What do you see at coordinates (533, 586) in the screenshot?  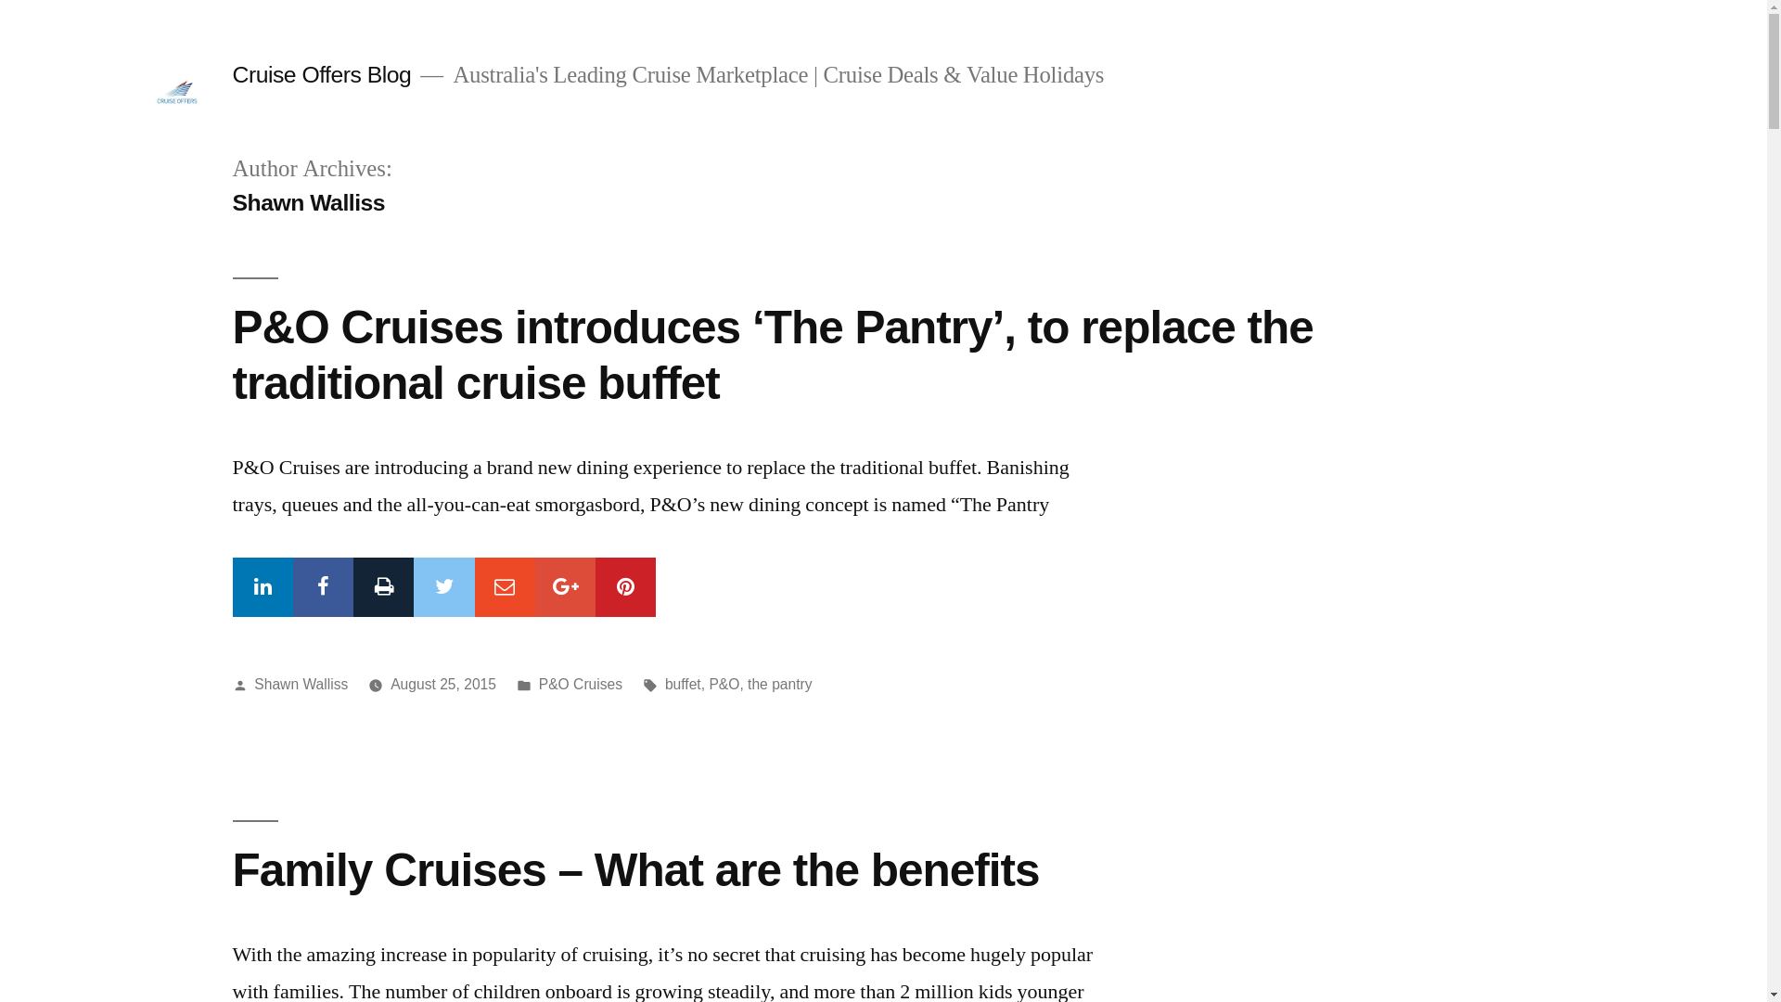 I see `'Google+'` at bounding box center [533, 586].